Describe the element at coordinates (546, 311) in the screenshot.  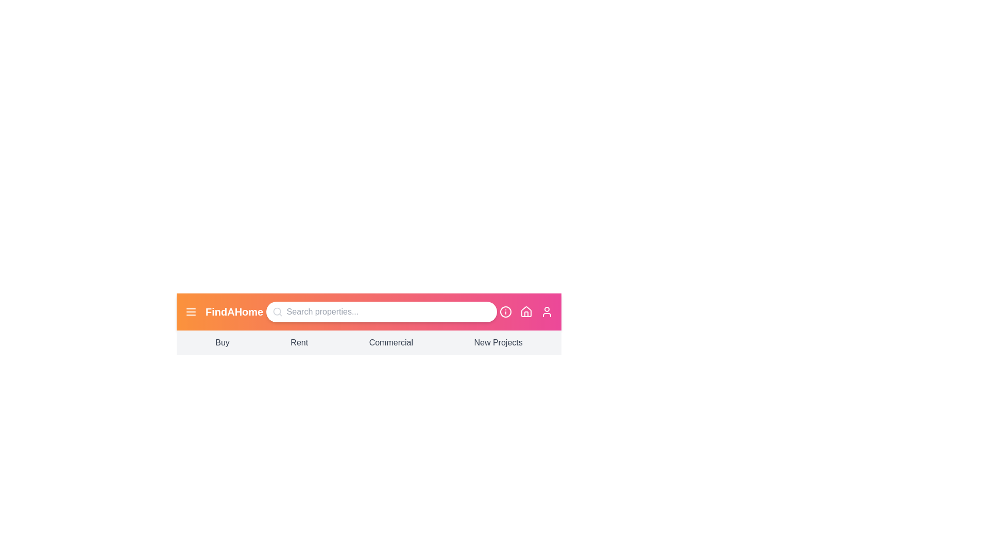
I see `the user profile icon in the navigation bar` at that location.